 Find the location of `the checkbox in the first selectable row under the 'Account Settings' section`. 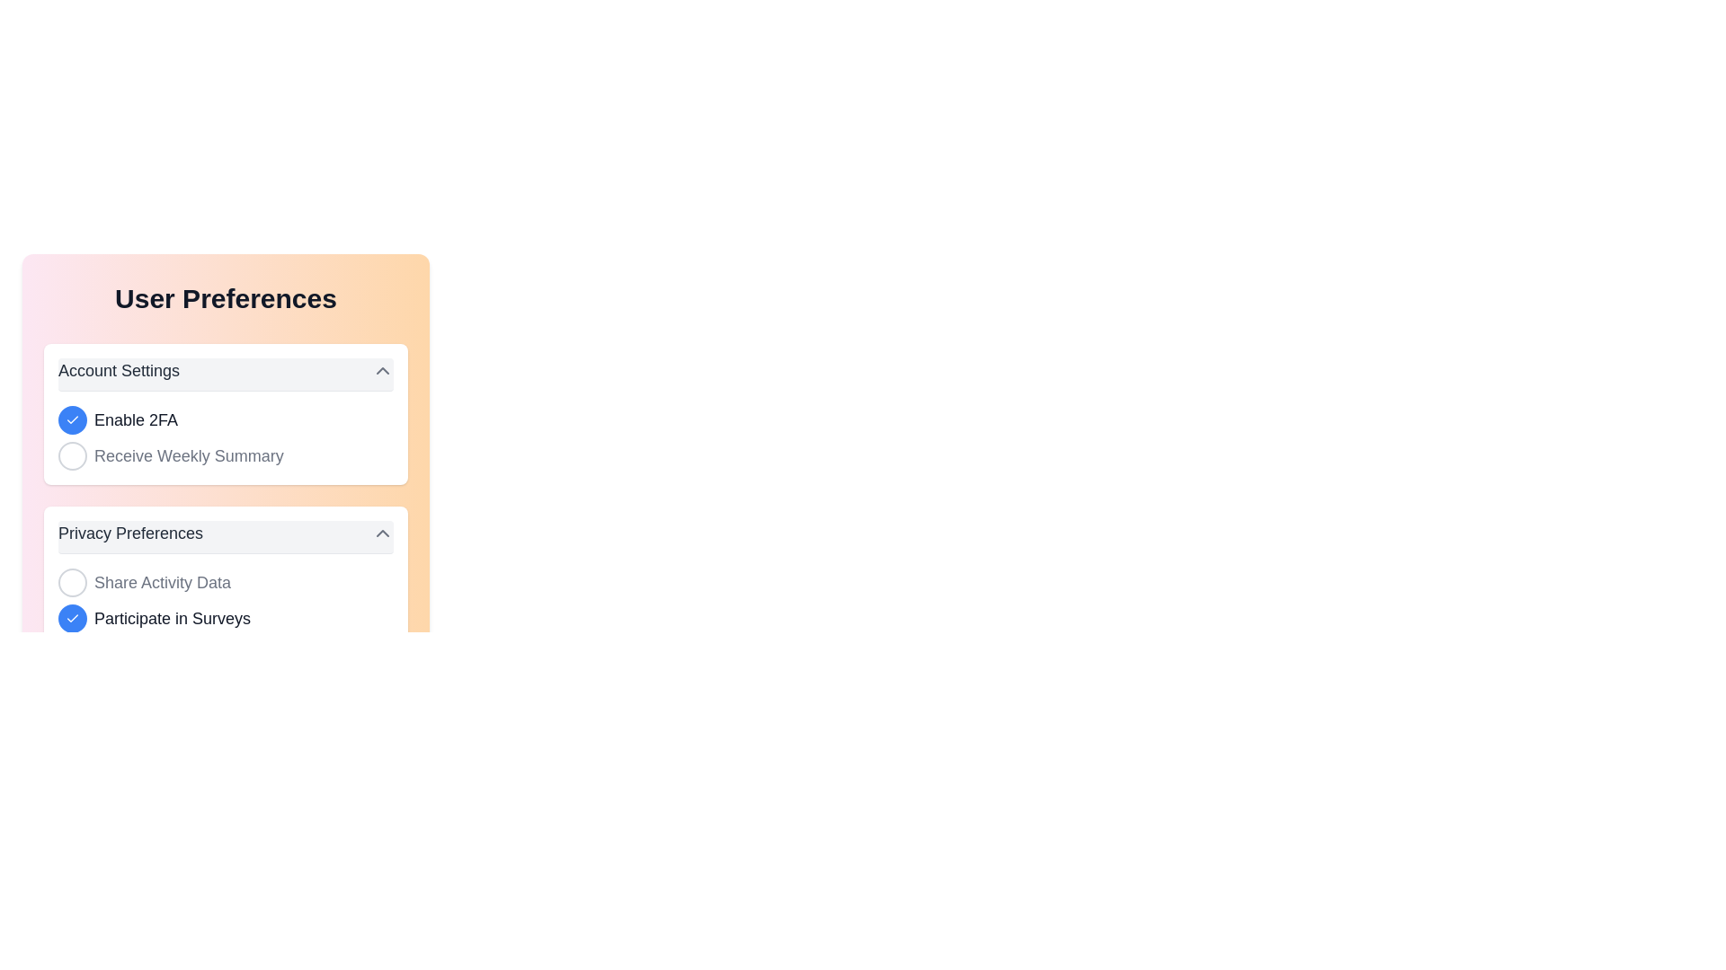

the checkbox in the first selectable row under the 'Account Settings' section is located at coordinates (225, 419).